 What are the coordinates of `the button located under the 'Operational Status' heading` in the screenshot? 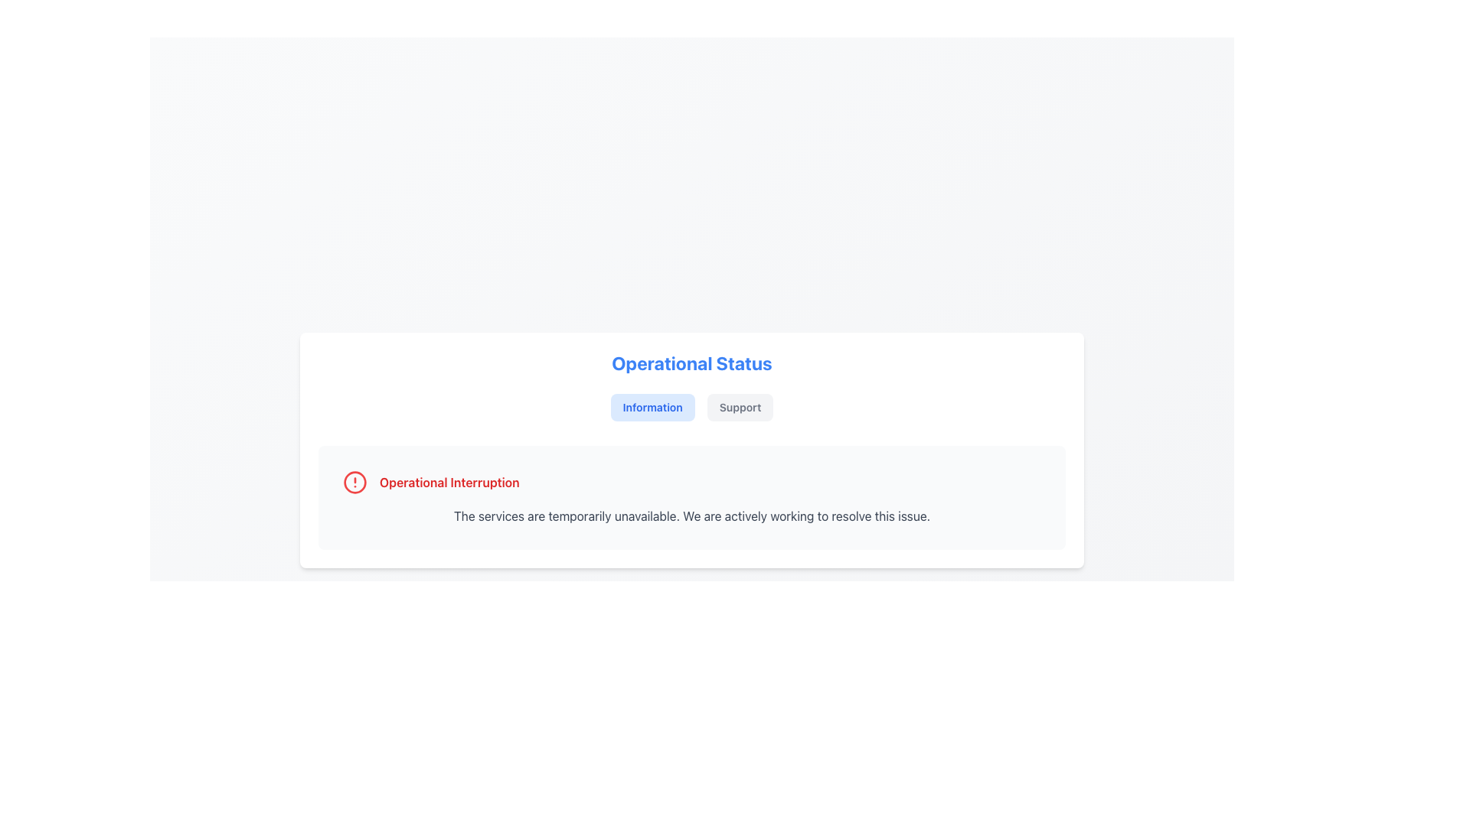 It's located at (652, 406).